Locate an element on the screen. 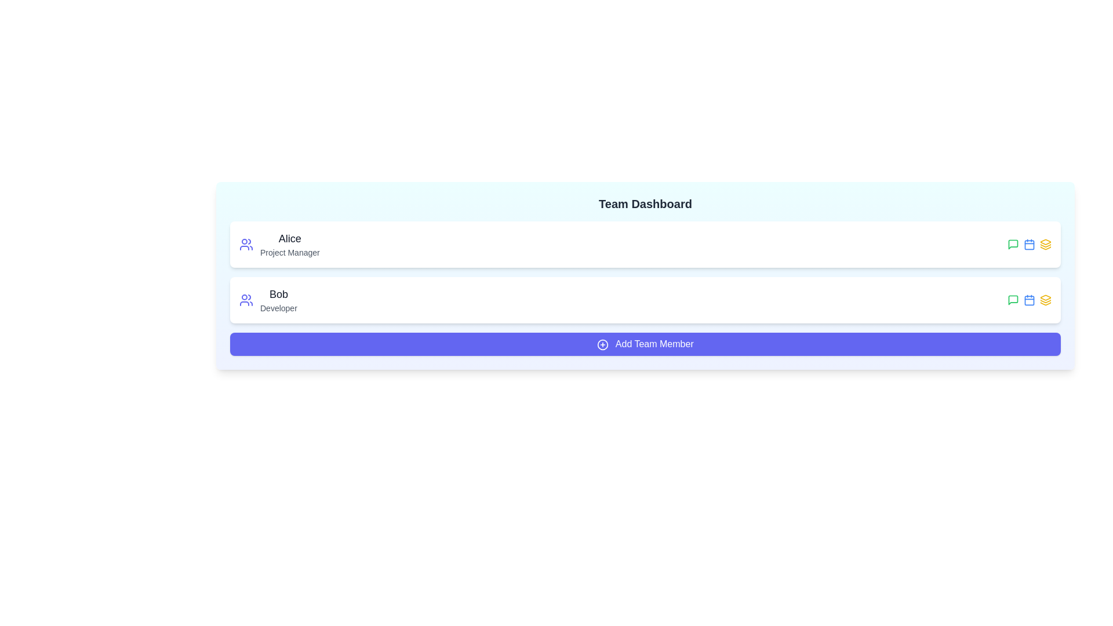 The image size is (1113, 626). the text label displaying 'Bob' and 'Developer' in the second user card, which is located below the card representing 'Alice' is located at coordinates (278, 299).